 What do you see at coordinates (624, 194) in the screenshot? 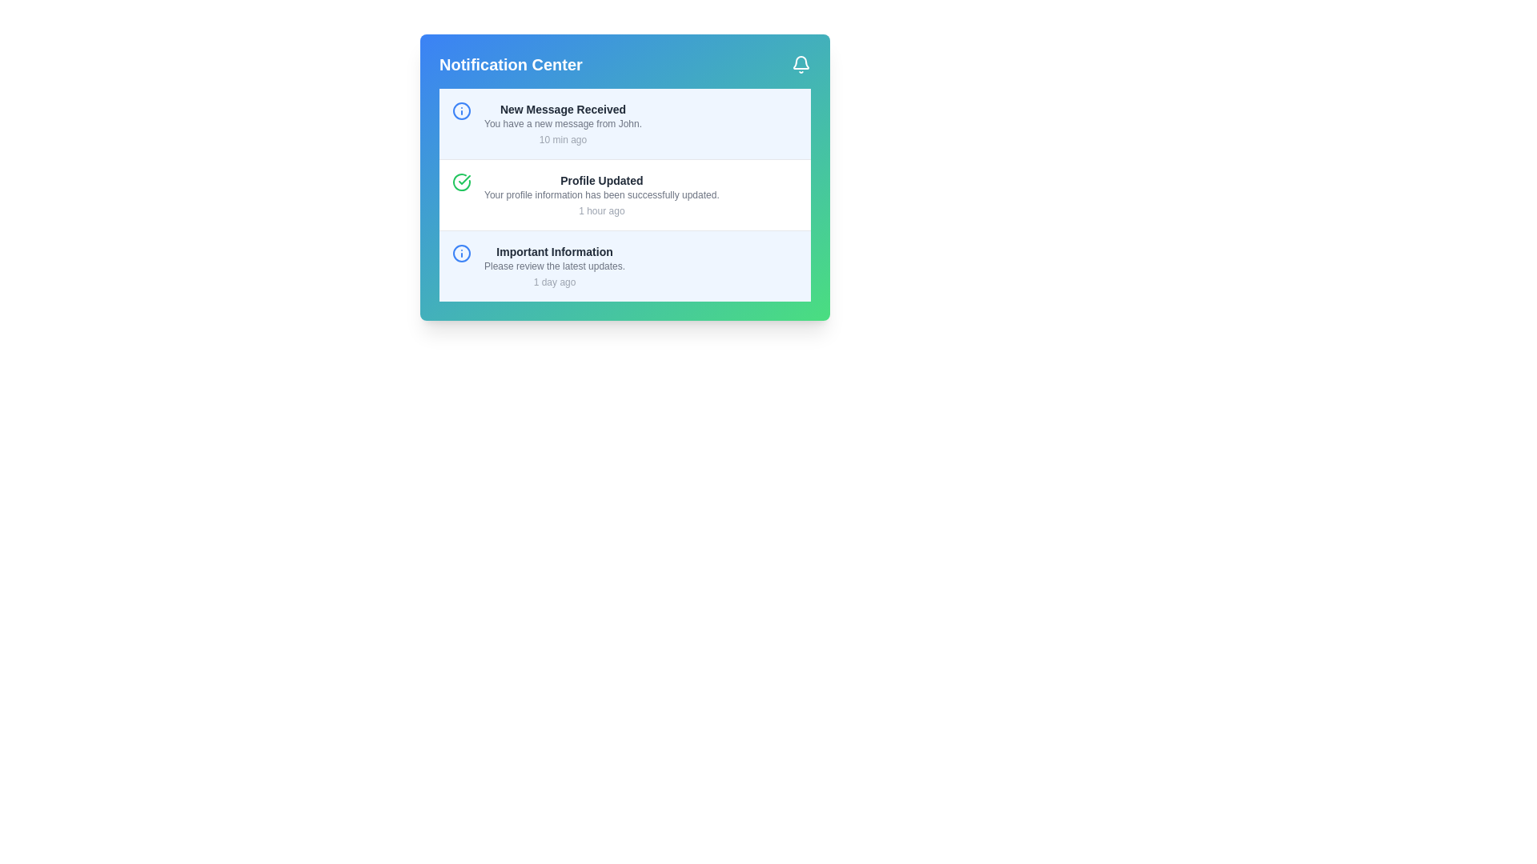
I see `a notification within the vertically stacked list of notifications in the Notification Center` at bounding box center [624, 194].